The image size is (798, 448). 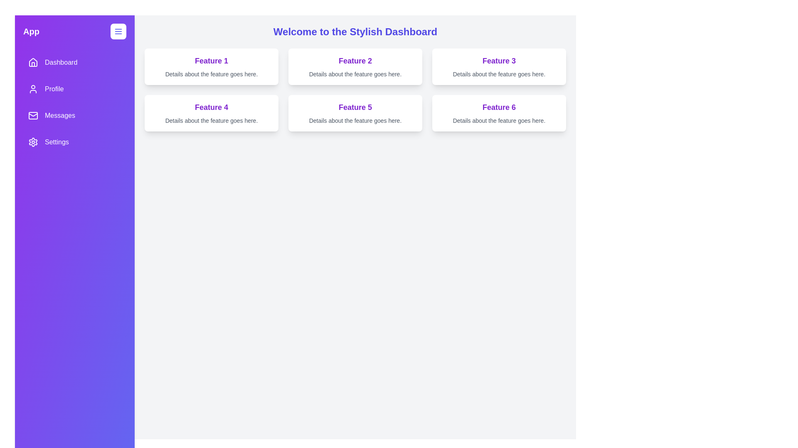 What do you see at coordinates (355, 73) in the screenshot?
I see `text block providing a brief description of 'Feature 2', which is located directly below the label 'Feature 2' in the second column of a three-column grid layout` at bounding box center [355, 73].